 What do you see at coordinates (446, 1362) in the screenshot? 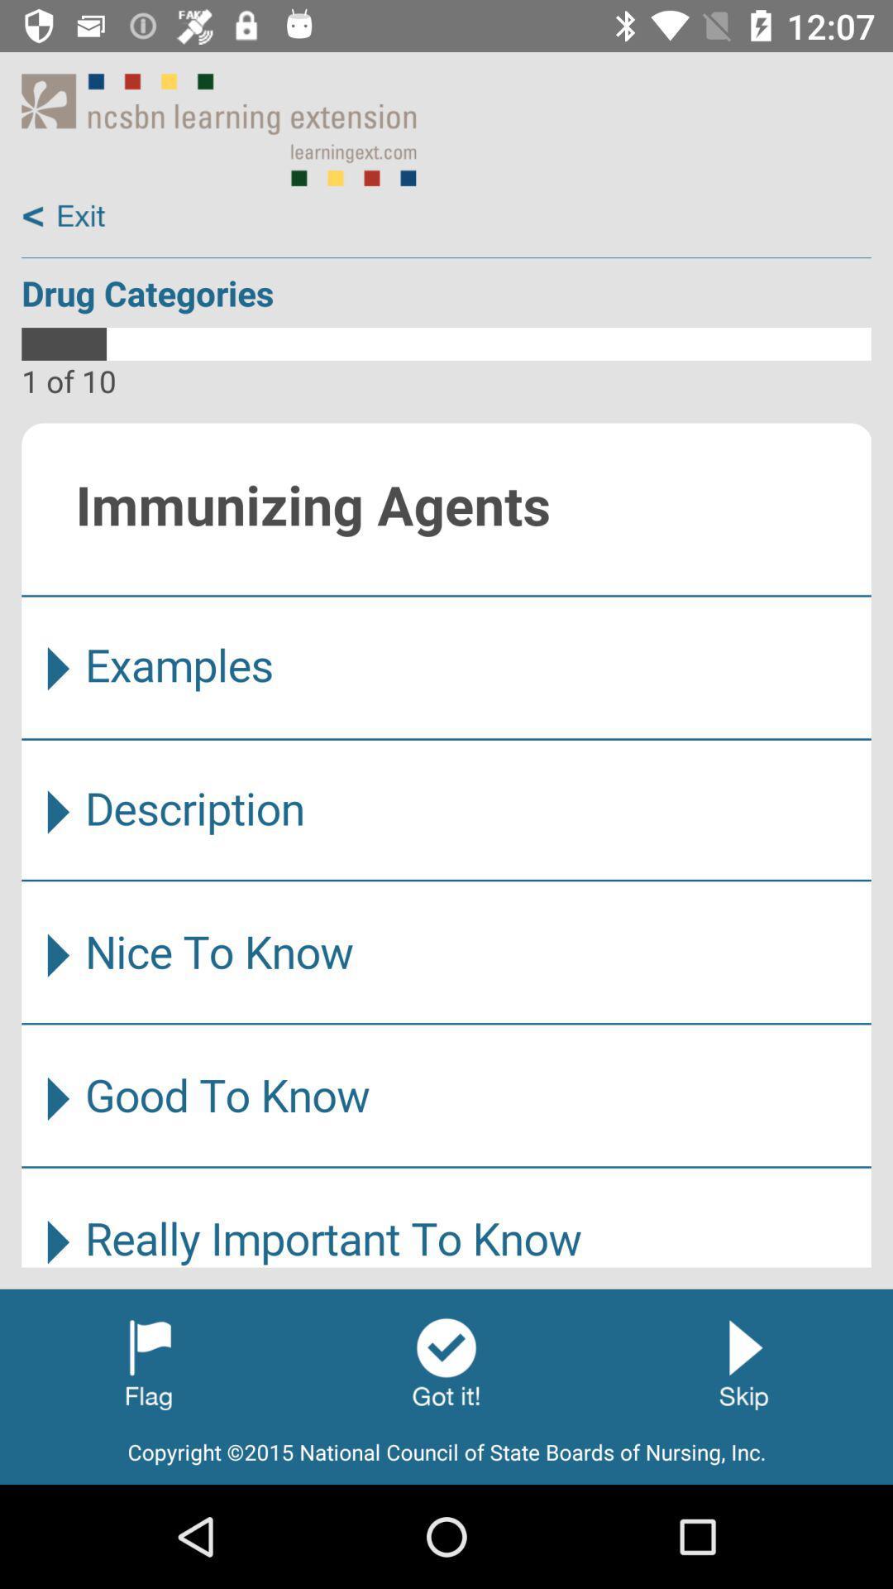
I see `ok` at bounding box center [446, 1362].